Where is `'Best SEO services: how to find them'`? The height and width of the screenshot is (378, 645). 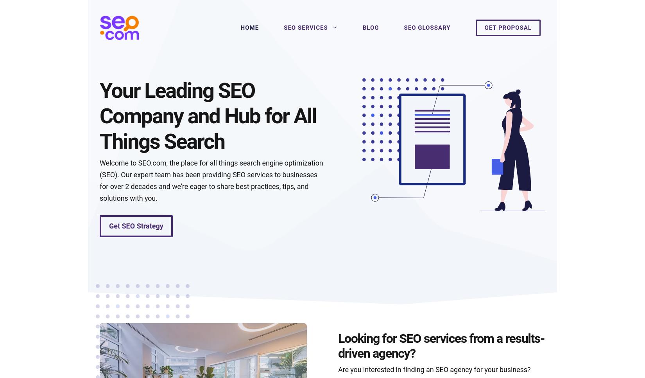
'Best SEO services: how to find them' is located at coordinates (169, 315).